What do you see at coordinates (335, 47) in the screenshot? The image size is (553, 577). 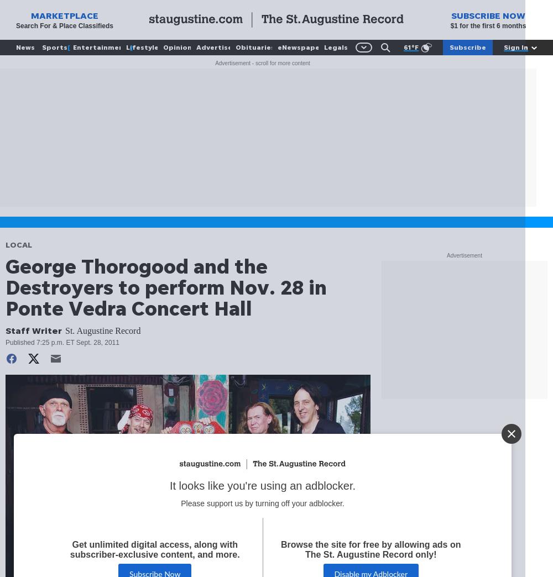 I see `'Legals'` at bounding box center [335, 47].